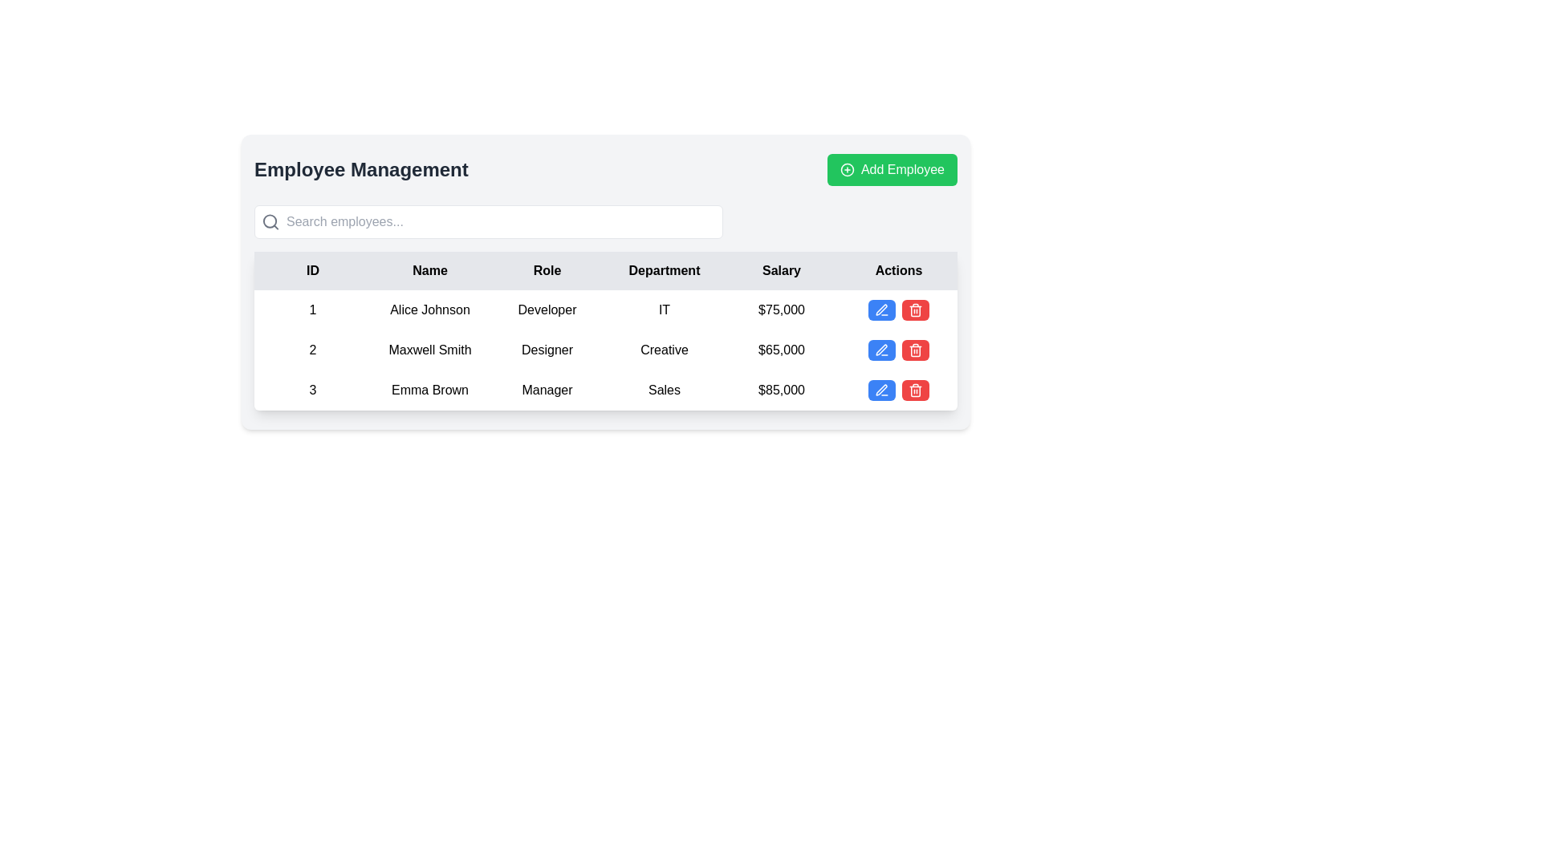  Describe the element at coordinates (916, 349) in the screenshot. I see `the delete button located in the 'Actions' column, which is the second button next to the blue edit button` at that location.